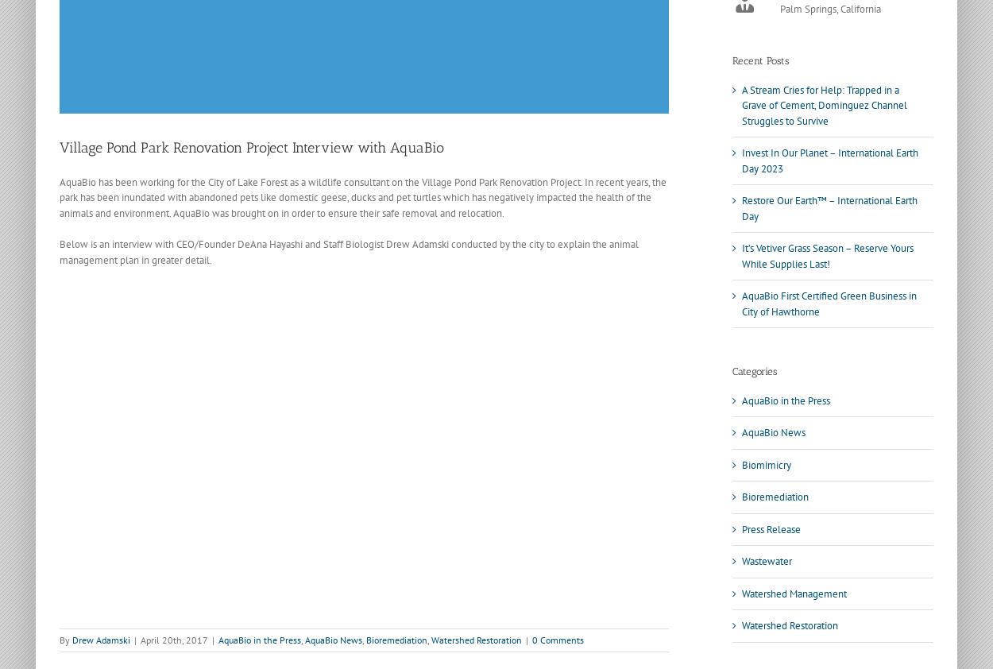  I want to click on 'Drew Adamski', so click(101, 640).